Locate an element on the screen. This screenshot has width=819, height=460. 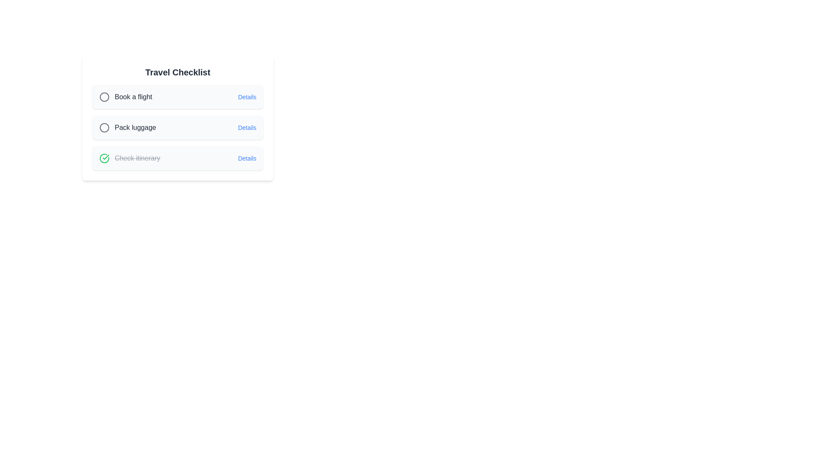
the circle on the left side of the 'Pack luggage' list item to mark it as completed is located at coordinates (177, 128).